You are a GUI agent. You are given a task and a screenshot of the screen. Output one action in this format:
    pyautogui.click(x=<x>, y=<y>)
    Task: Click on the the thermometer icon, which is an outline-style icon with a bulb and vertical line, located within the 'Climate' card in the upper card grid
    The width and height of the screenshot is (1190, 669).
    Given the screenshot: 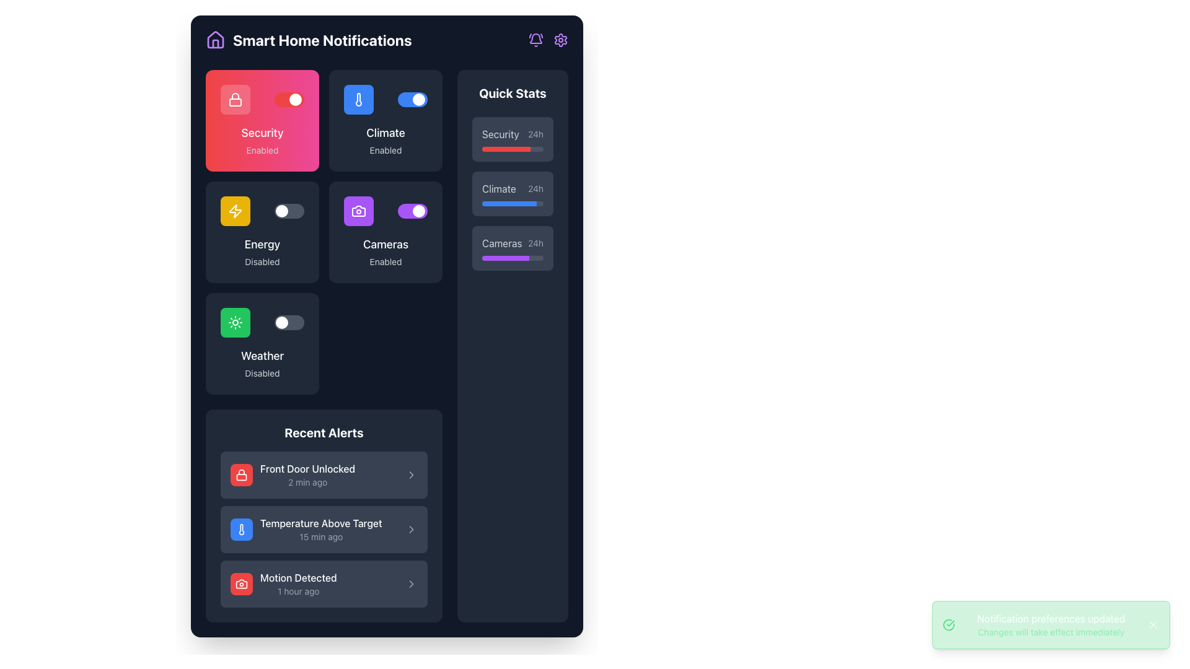 What is the action you would take?
    pyautogui.click(x=358, y=99)
    